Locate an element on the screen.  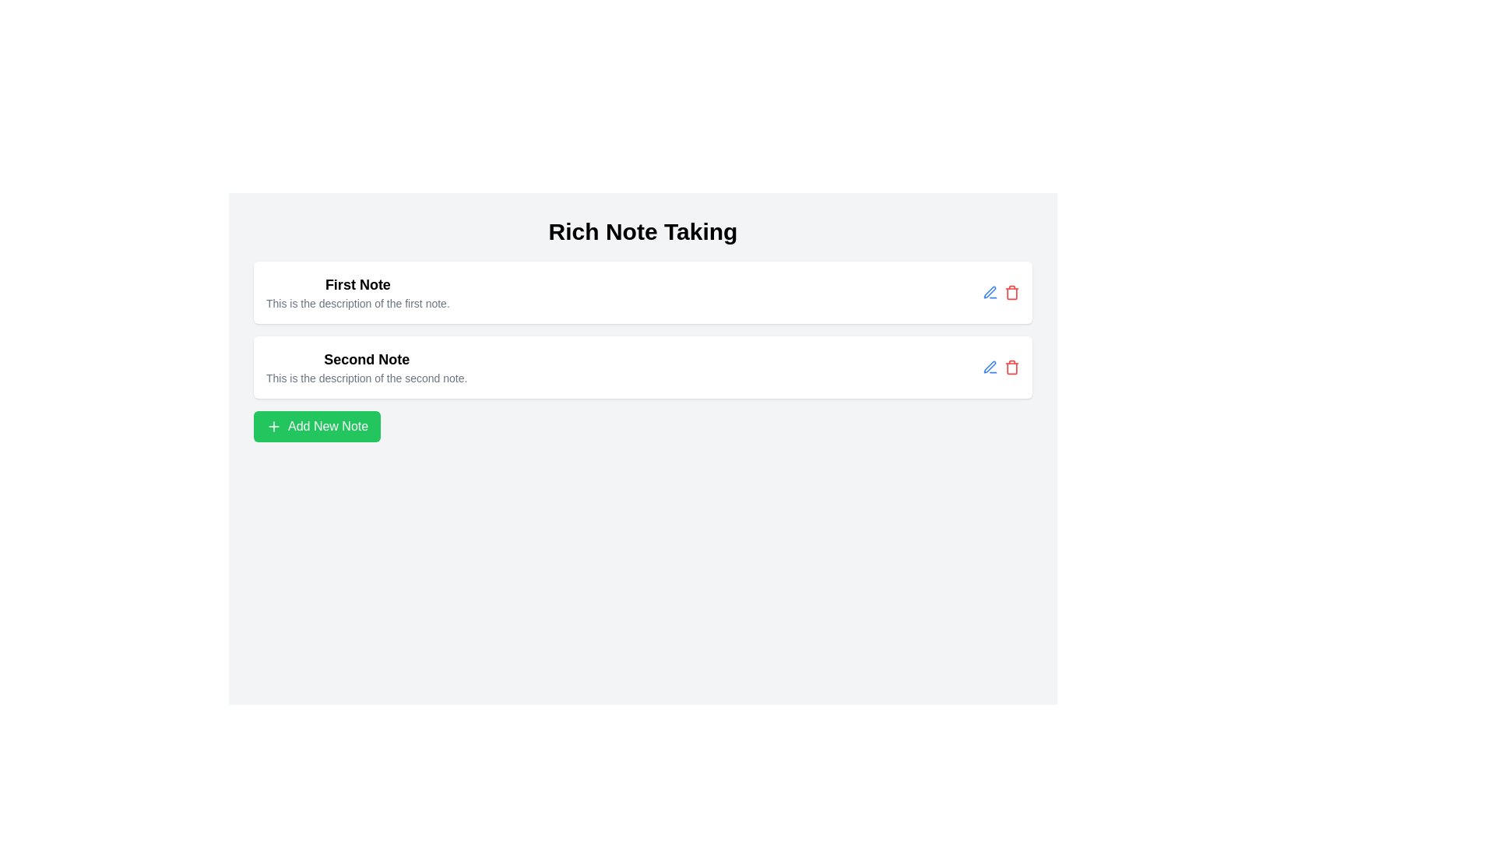
the edit button located in the right section of the first note's action area is located at coordinates (990, 367).